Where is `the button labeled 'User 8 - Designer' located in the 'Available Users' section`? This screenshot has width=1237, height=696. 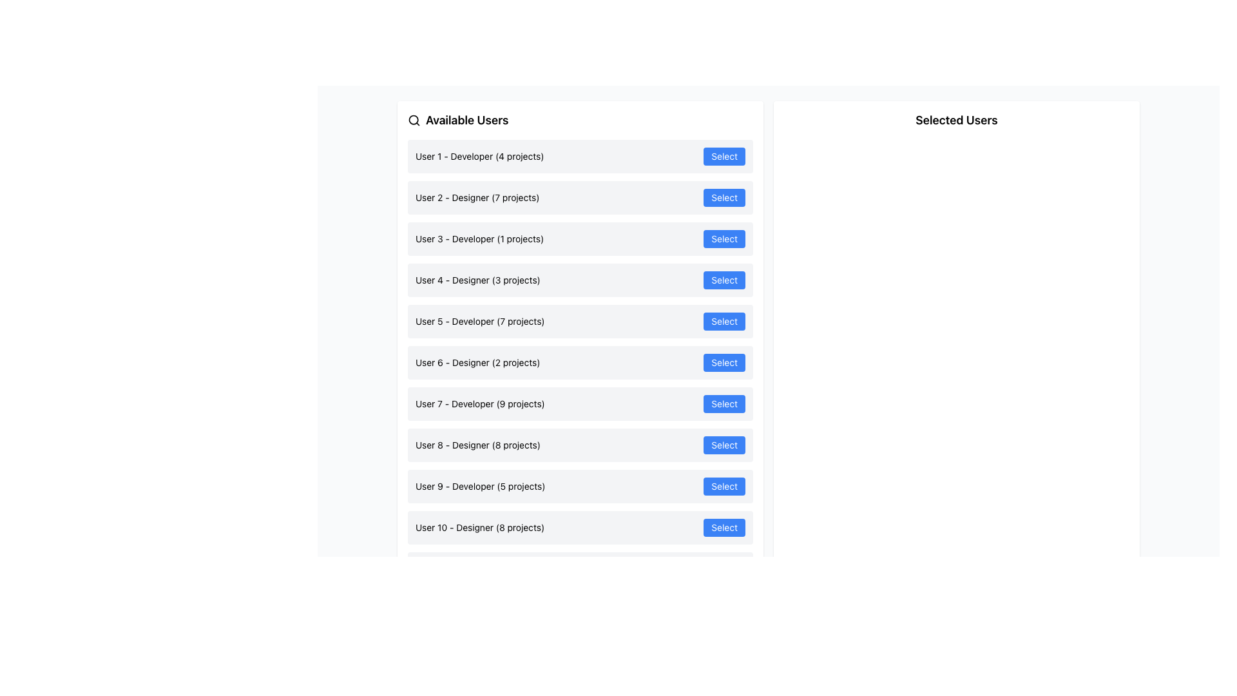 the button labeled 'User 8 - Designer' located in the 'Available Users' section is located at coordinates (724, 444).